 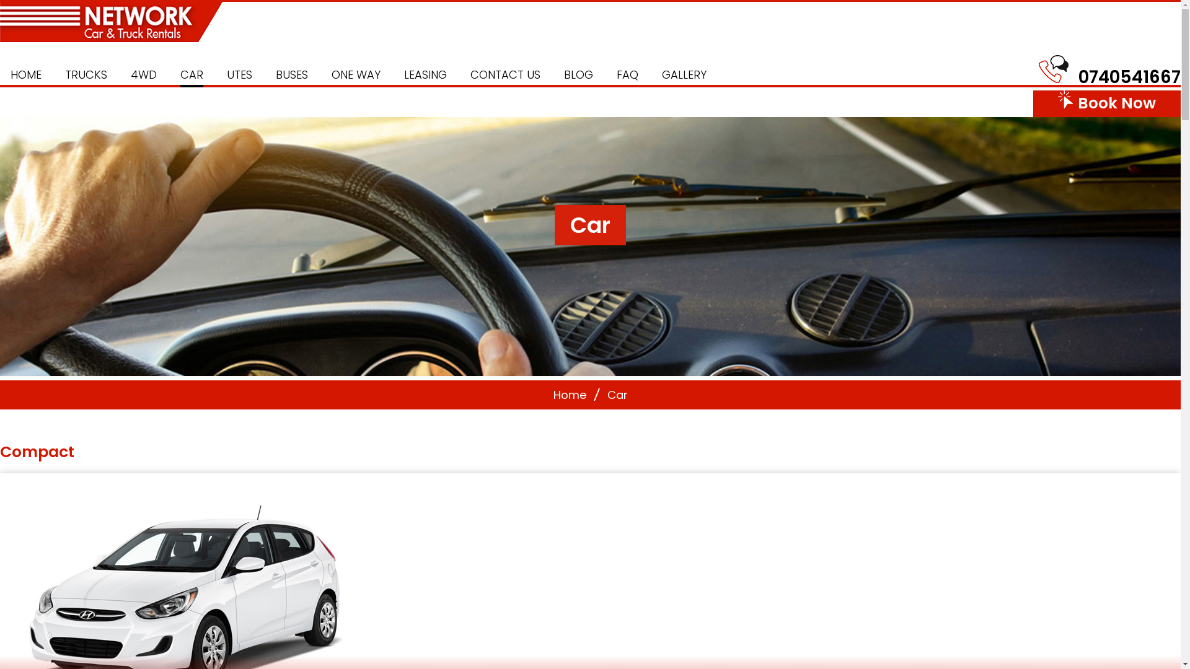 I want to click on 'UTES', so click(x=239, y=74).